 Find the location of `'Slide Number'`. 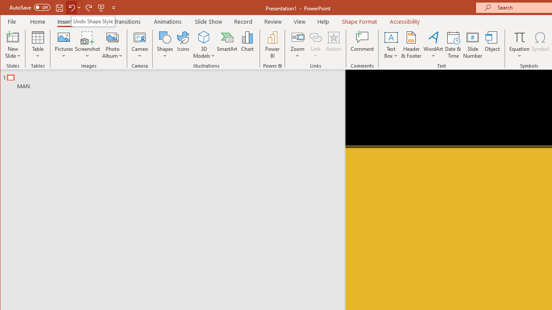

'Slide Number' is located at coordinates (472, 45).